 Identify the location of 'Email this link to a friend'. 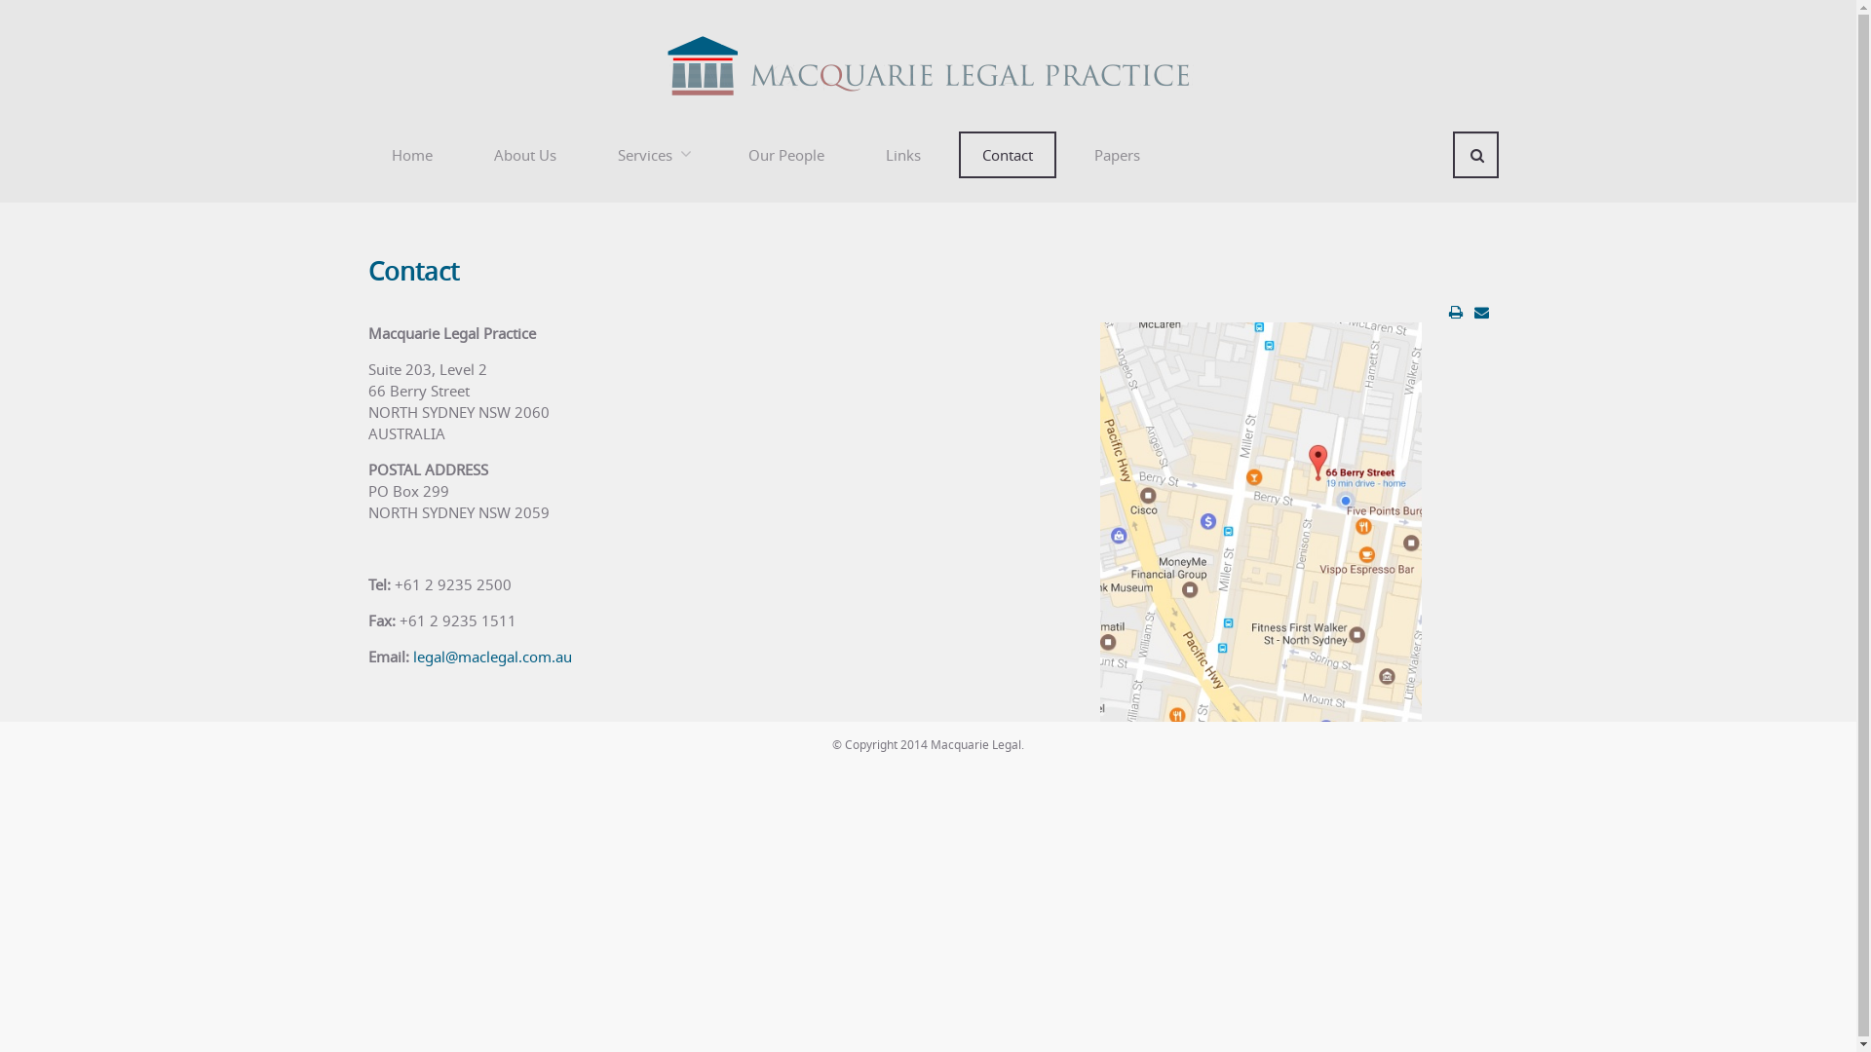
(1480, 311).